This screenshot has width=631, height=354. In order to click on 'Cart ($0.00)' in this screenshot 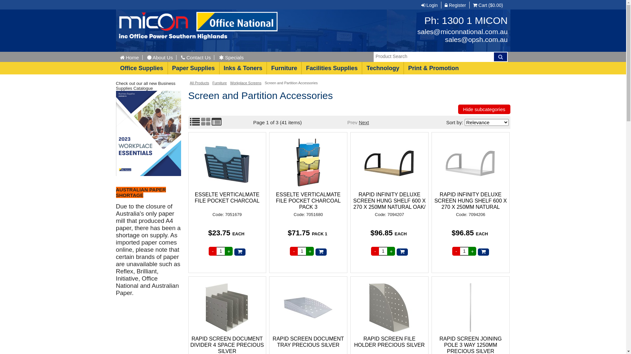, I will do `click(488, 5)`.